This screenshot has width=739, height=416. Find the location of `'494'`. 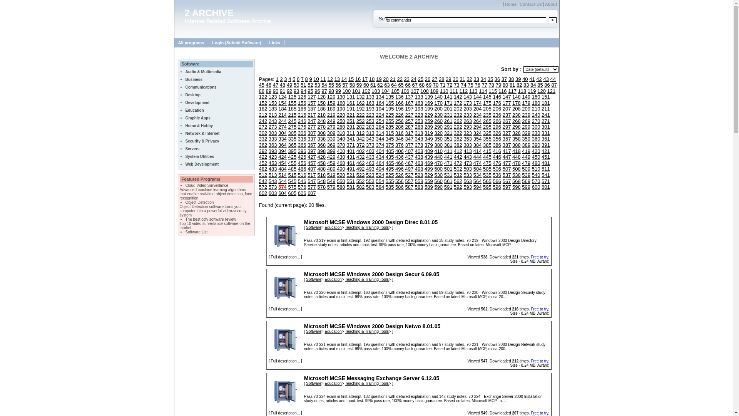

'494' is located at coordinates (380, 168).